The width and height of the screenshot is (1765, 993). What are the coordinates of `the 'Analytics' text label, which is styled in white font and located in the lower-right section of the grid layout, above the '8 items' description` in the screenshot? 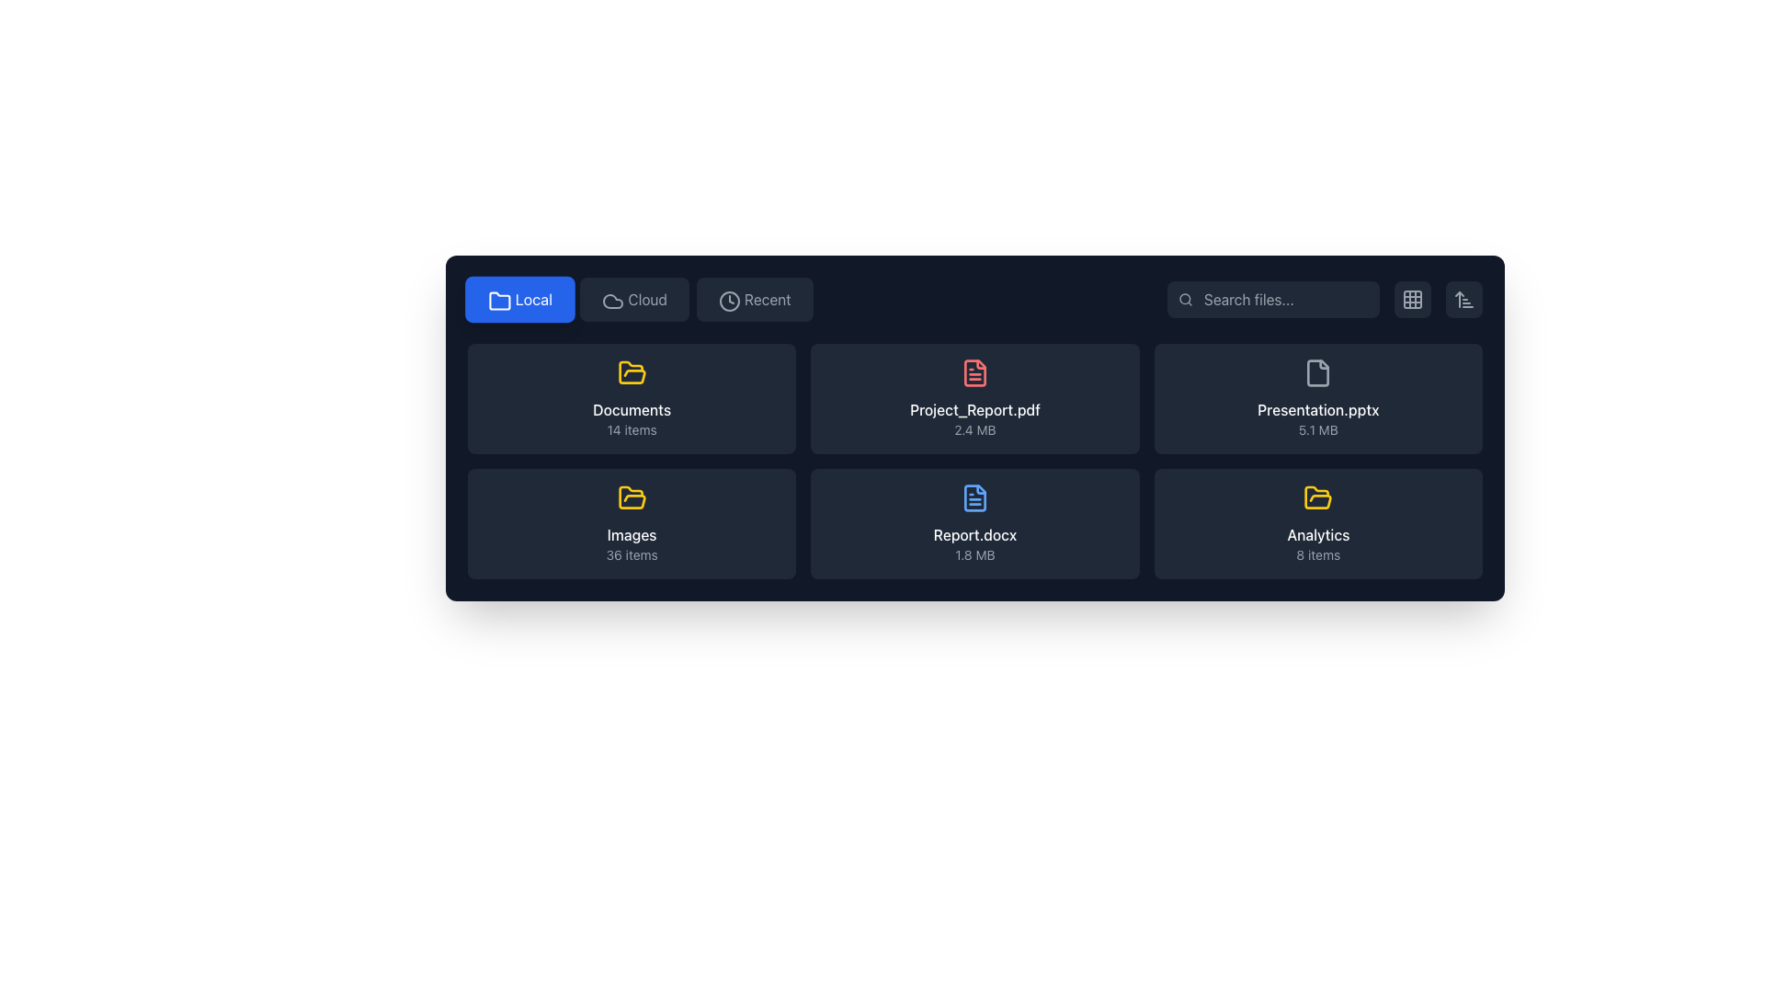 It's located at (1317, 535).